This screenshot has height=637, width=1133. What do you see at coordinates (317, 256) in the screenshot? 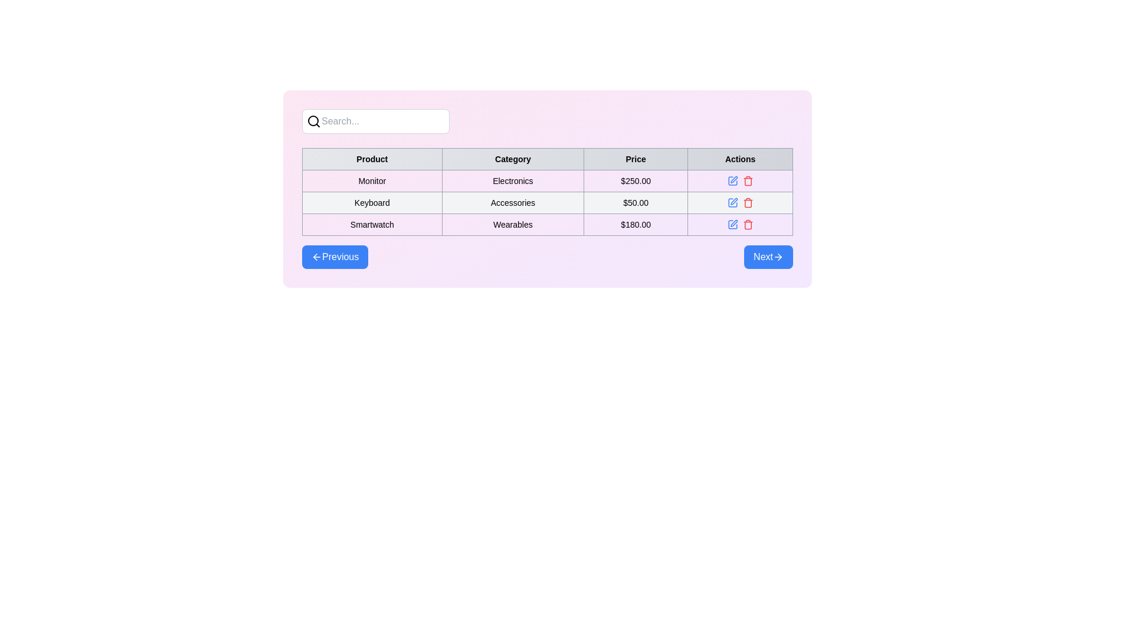
I see `the backward navigation icon located to the left of the 'Previous' text` at bounding box center [317, 256].